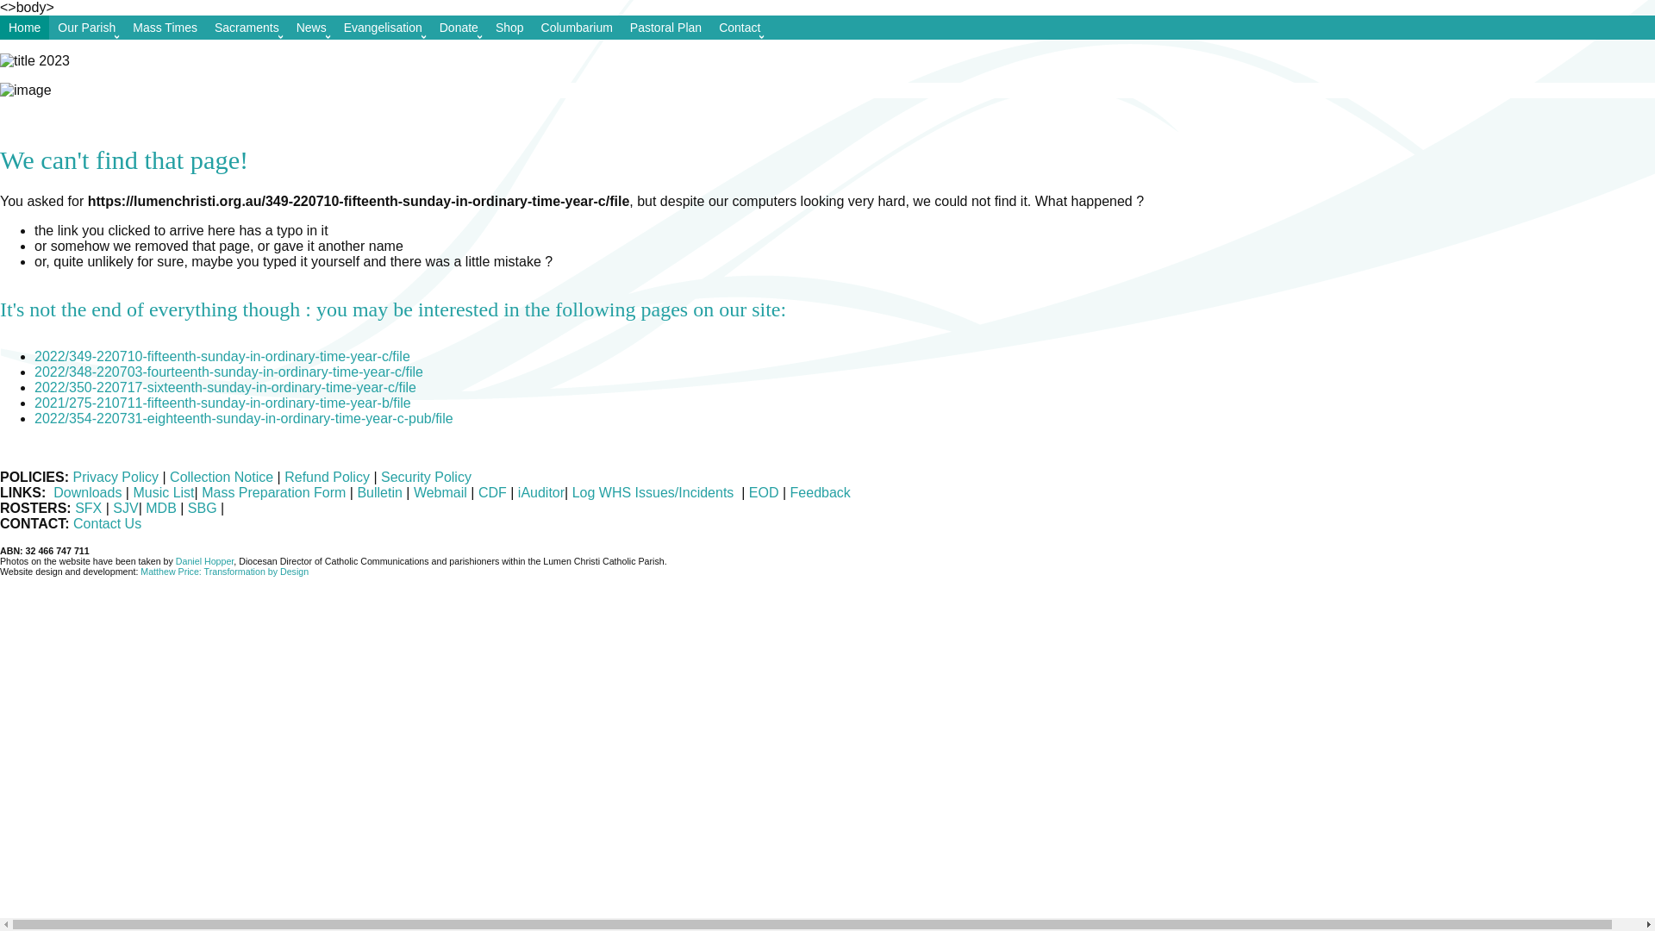 The height and width of the screenshot is (931, 1655). Describe the element at coordinates (205, 561) in the screenshot. I see `'Daniel Hopper'` at that location.